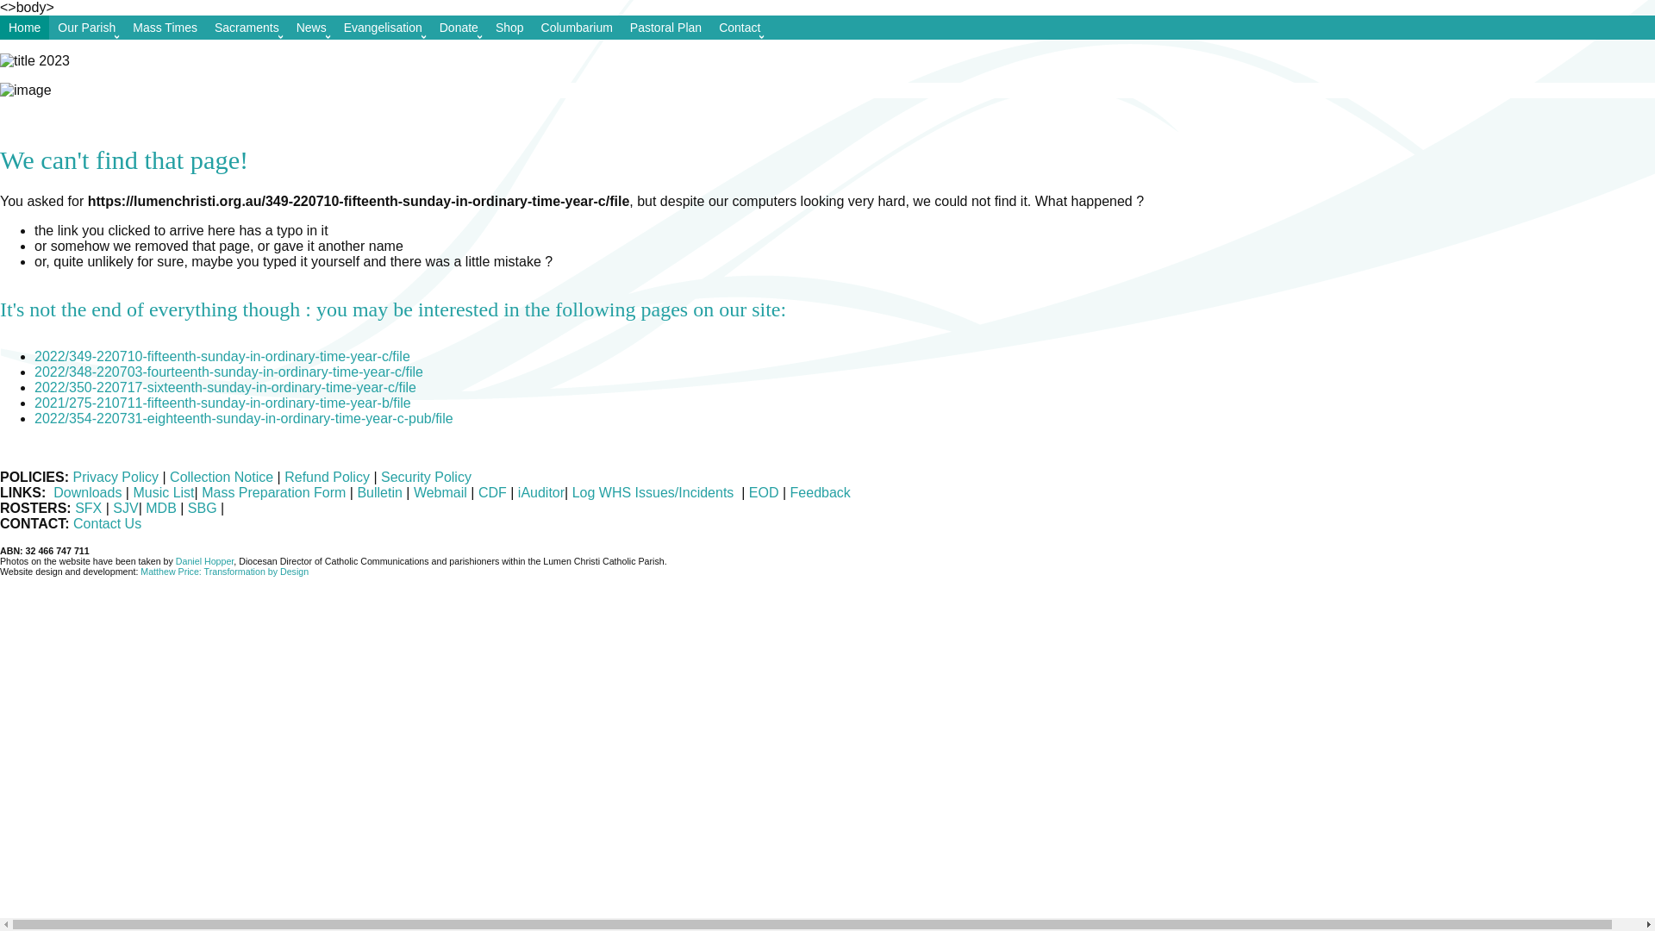 The height and width of the screenshot is (931, 1655). Describe the element at coordinates (205, 561) in the screenshot. I see `'Daniel Hopper'` at that location.